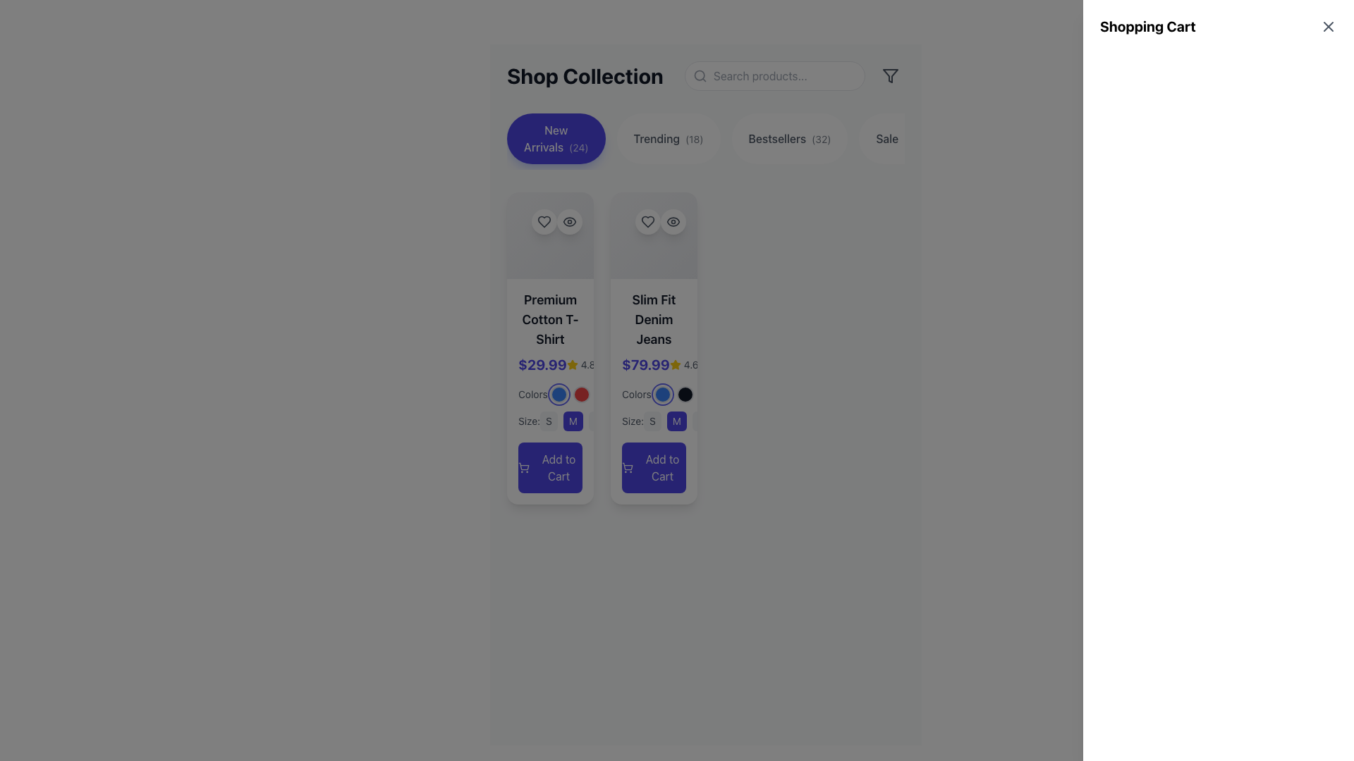  What do you see at coordinates (647, 222) in the screenshot?
I see `the heart-shaped icon located at the upper section of the item card for 'Slim Fit Denim Jeans' to mark the product as favorite` at bounding box center [647, 222].